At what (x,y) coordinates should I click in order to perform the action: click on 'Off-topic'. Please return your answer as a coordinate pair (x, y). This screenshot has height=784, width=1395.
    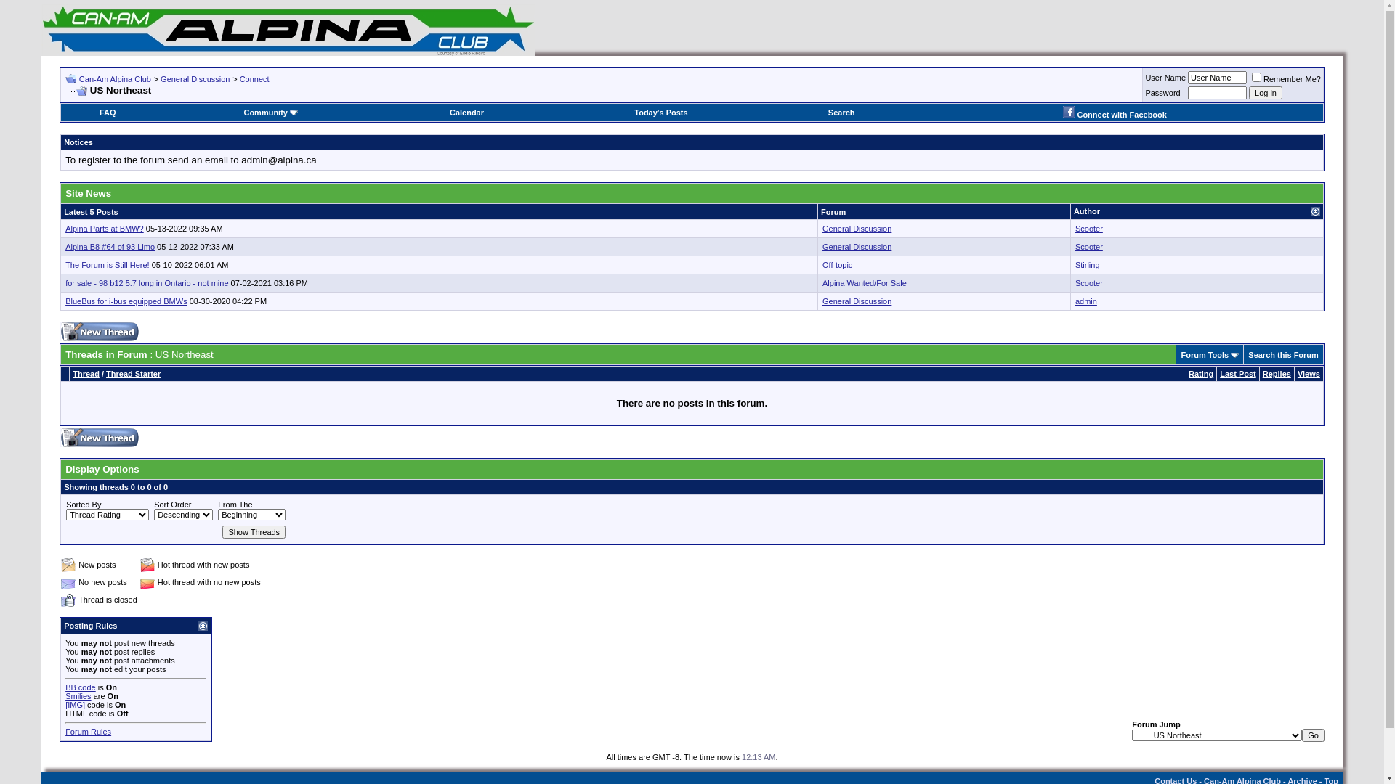
    Looking at the image, I should click on (837, 265).